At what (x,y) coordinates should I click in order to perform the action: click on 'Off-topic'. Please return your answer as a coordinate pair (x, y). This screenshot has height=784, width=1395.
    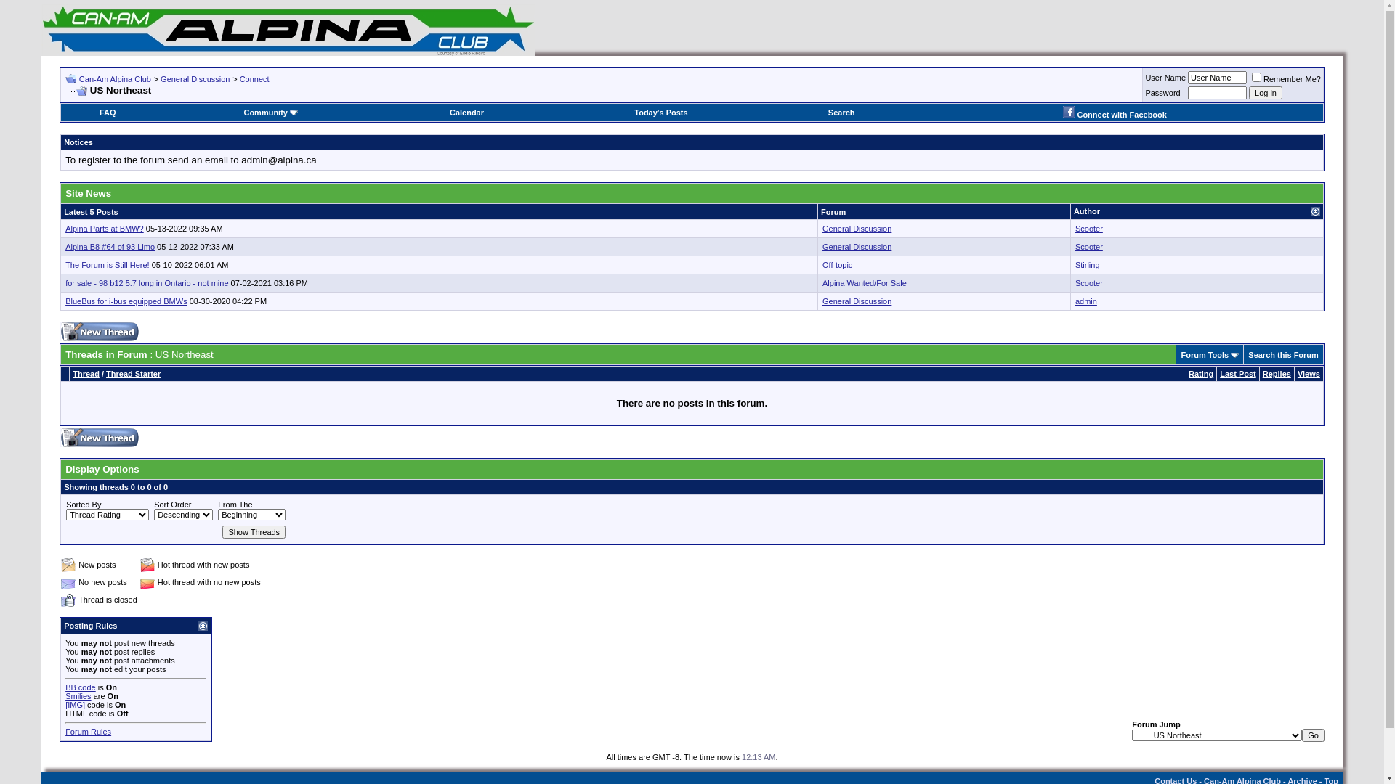
    Looking at the image, I should click on (837, 265).